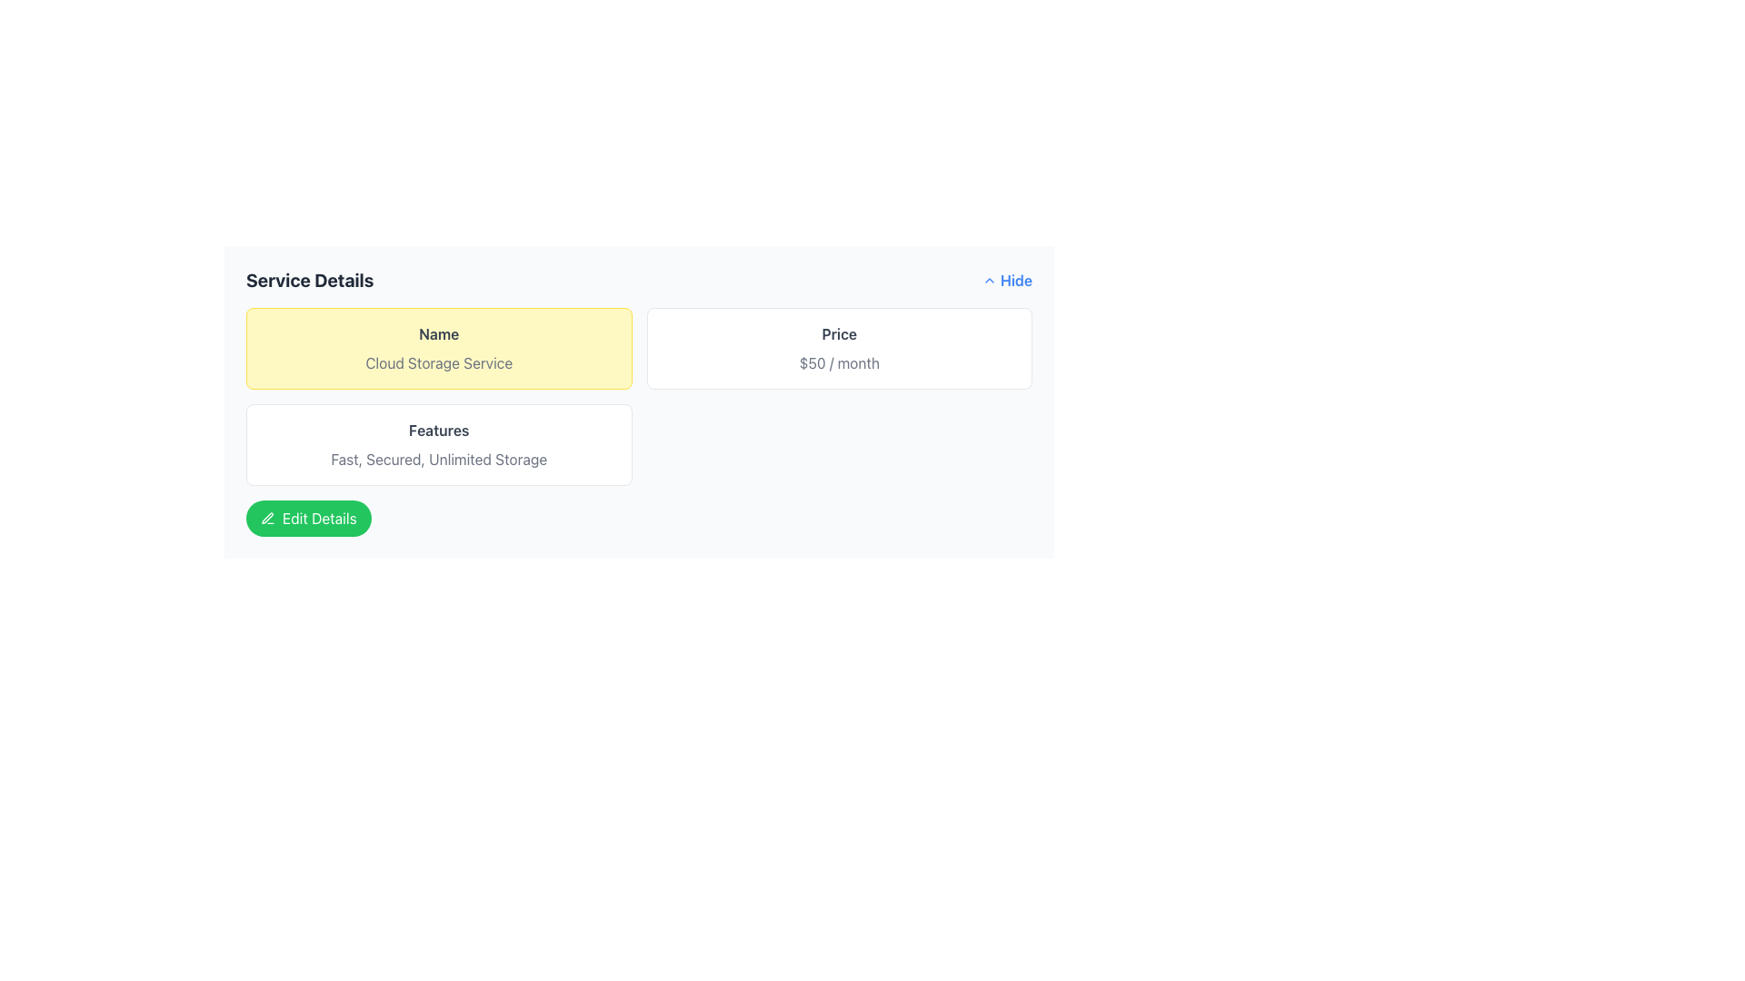  Describe the element at coordinates (266, 518) in the screenshot. I see `the edit icon located to the left of the 'Edit Details' button at the bottom-left of the interface` at that location.